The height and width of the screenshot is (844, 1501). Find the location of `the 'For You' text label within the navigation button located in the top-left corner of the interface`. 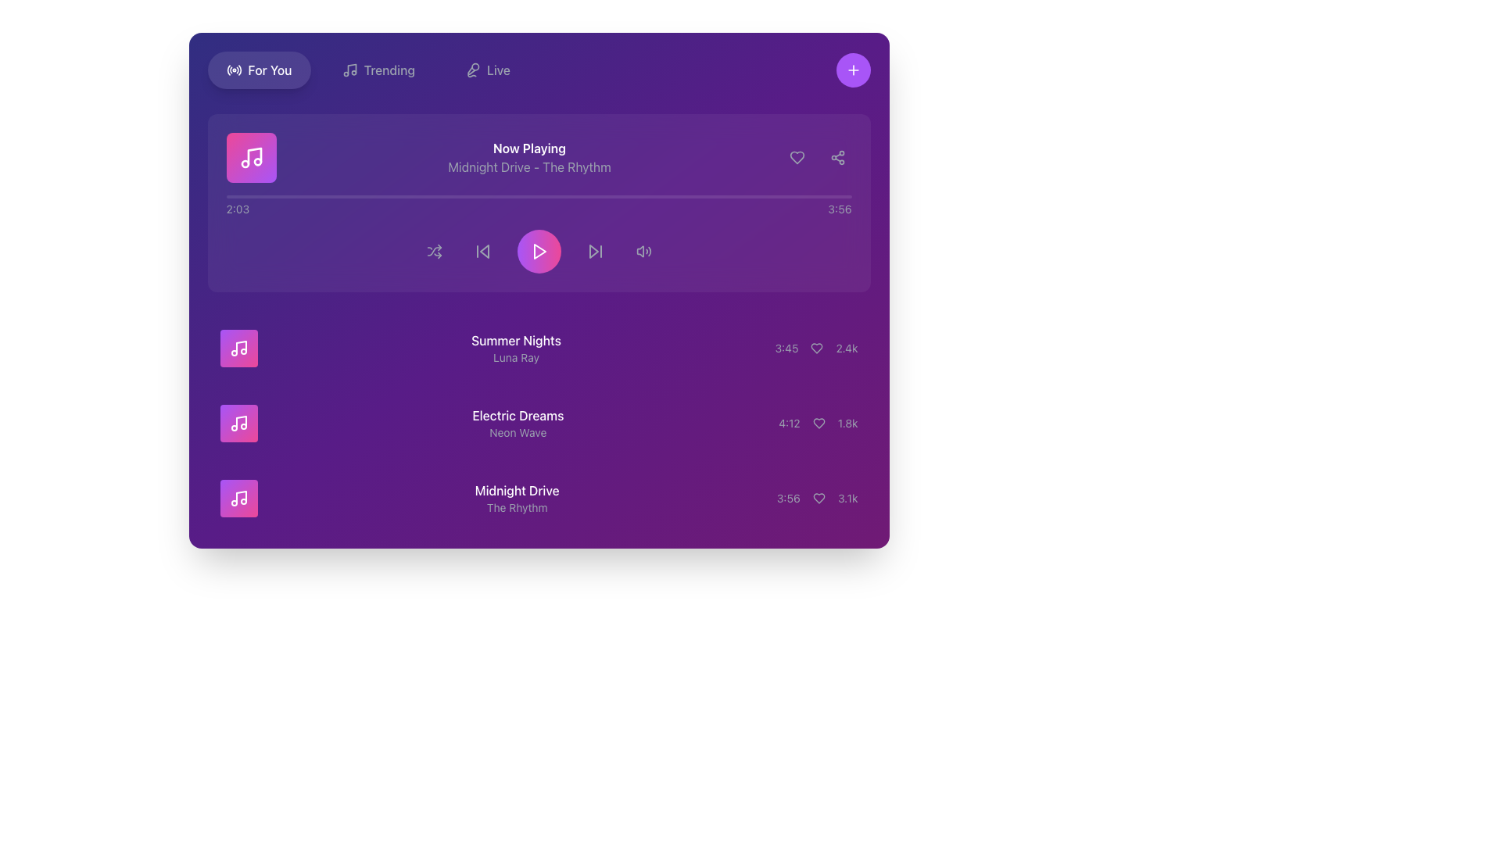

the 'For You' text label within the navigation button located in the top-left corner of the interface is located at coordinates (270, 69).